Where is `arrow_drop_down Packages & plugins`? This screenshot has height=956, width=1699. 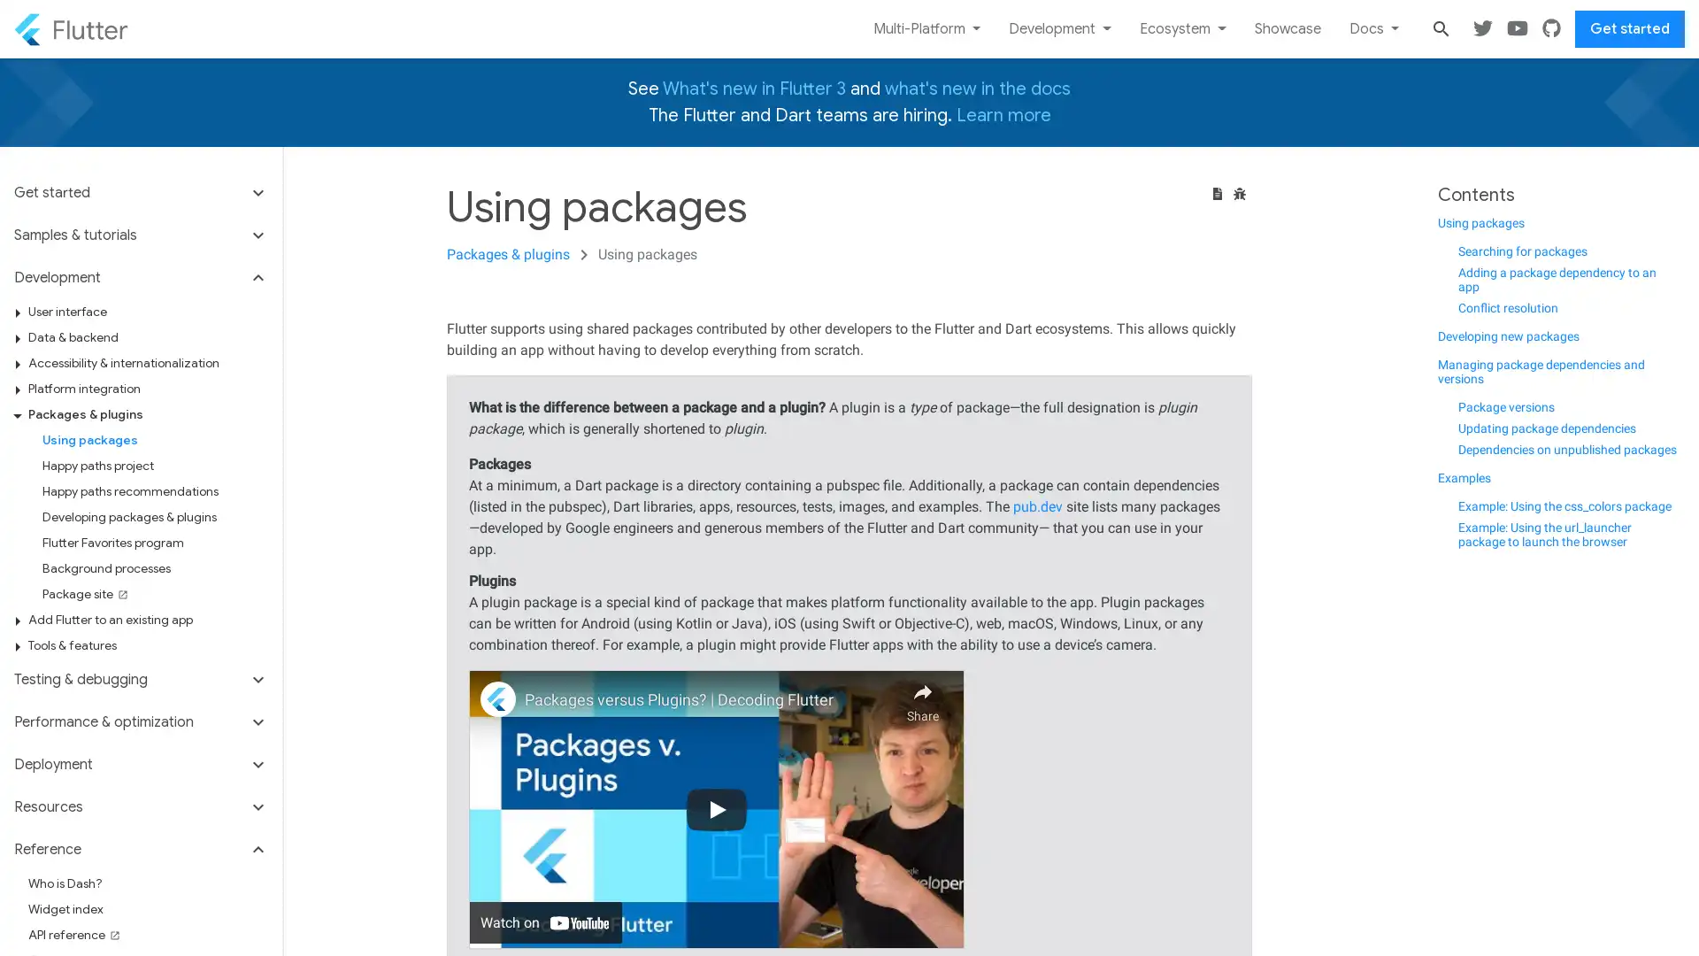 arrow_drop_down Packages & plugins is located at coordinates (148, 414).